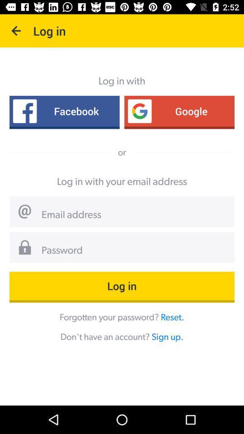 This screenshot has width=244, height=434. What do you see at coordinates (167, 336) in the screenshot?
I see `sign up. icon` at bounding box center [167, 336].